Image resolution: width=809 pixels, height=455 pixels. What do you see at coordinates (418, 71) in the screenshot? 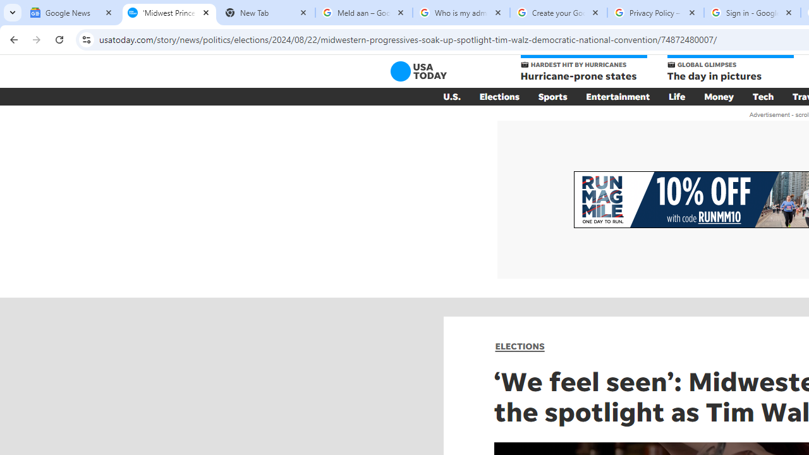
I see `'USA TODAY'` at bounding box center [418, 71].